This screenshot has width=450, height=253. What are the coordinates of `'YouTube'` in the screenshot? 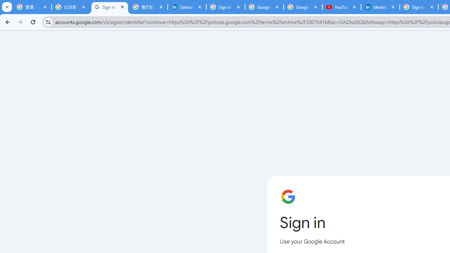 It's located at (341, 7).